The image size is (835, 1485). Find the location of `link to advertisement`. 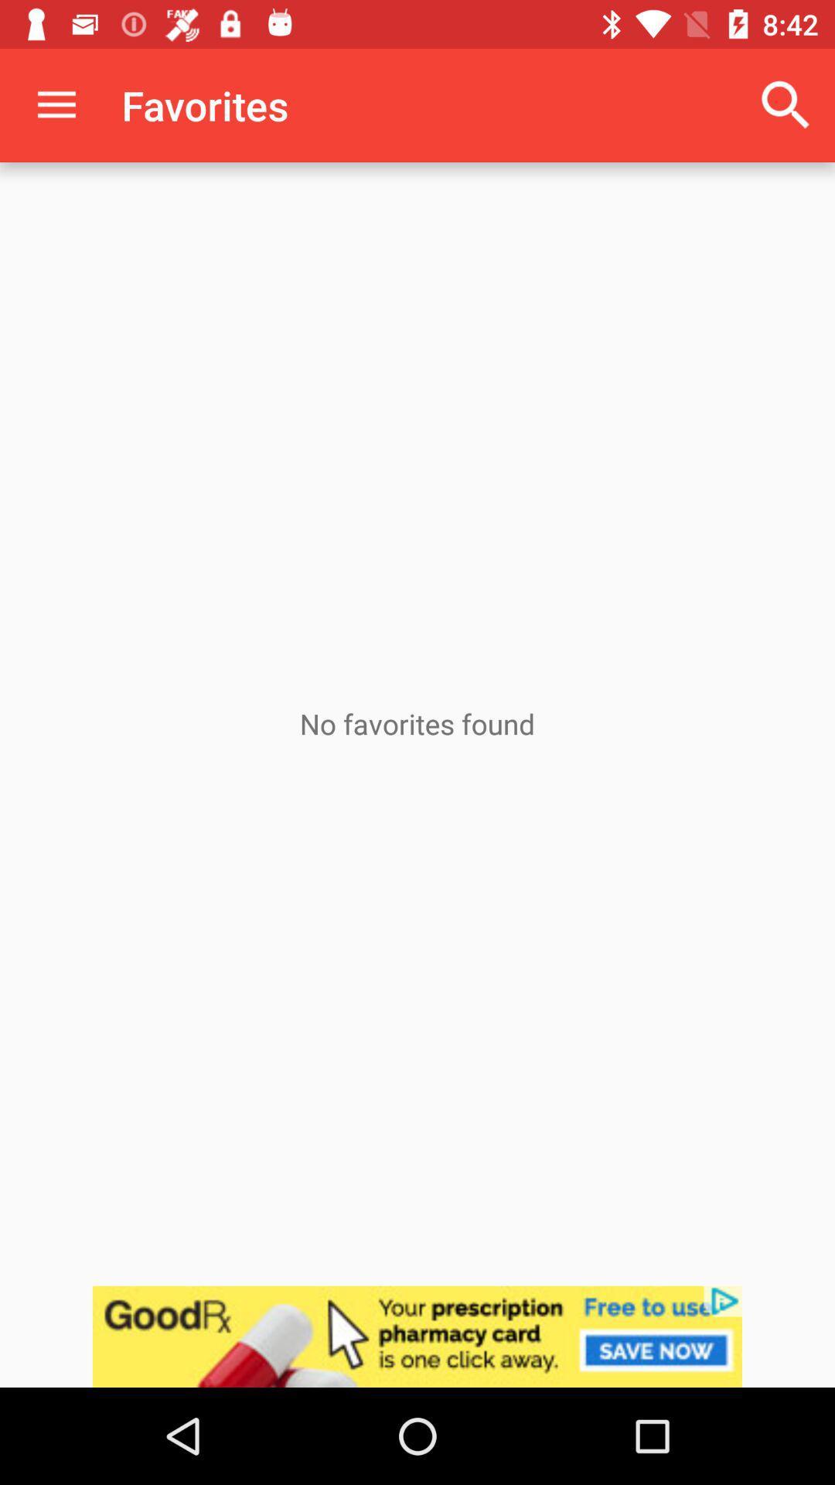

link to advertisement is located at coordinates (417, 1336).